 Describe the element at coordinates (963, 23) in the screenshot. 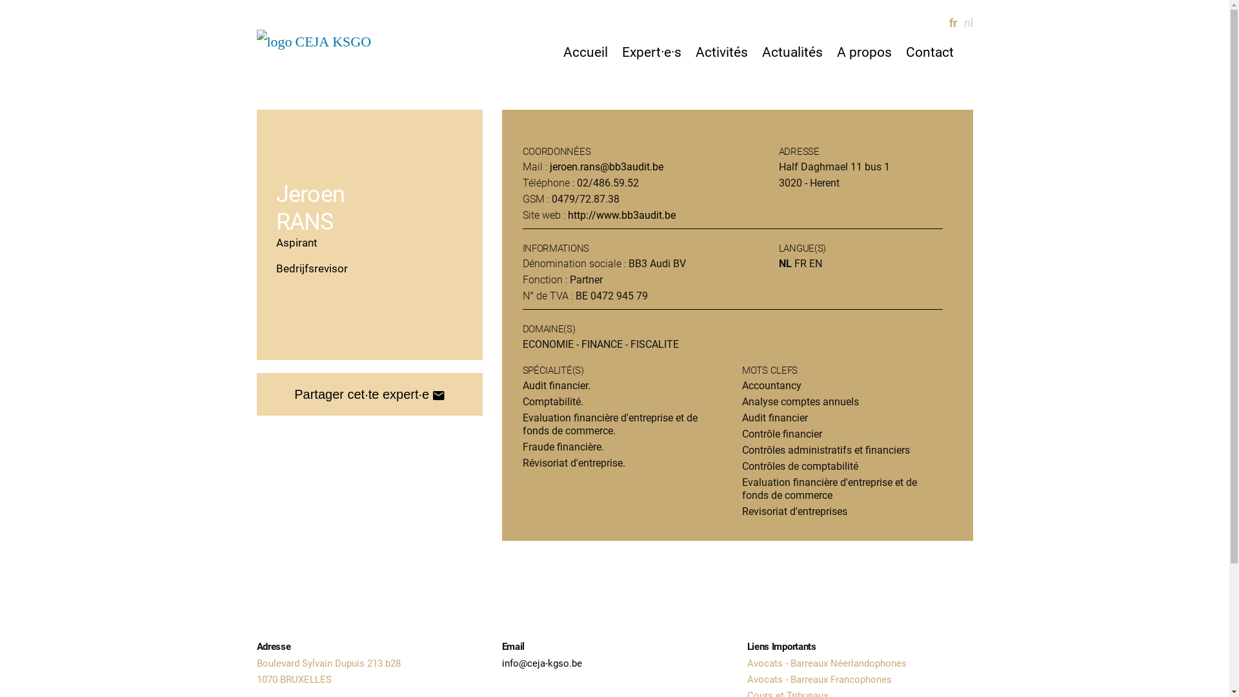

I see `'nl'` at that location.